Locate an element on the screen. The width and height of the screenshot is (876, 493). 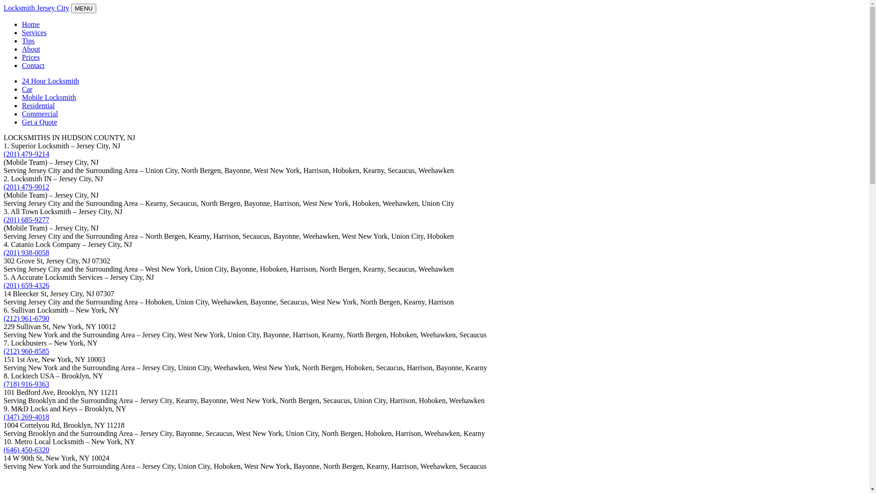
'Home' is located at coordinates (31, 24).